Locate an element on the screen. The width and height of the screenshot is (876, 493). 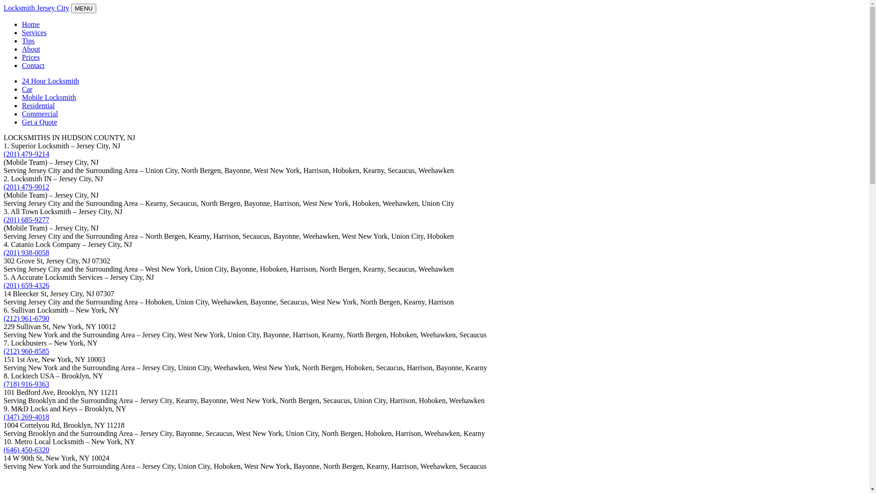
'Home' is located at coordinates (31, 24).